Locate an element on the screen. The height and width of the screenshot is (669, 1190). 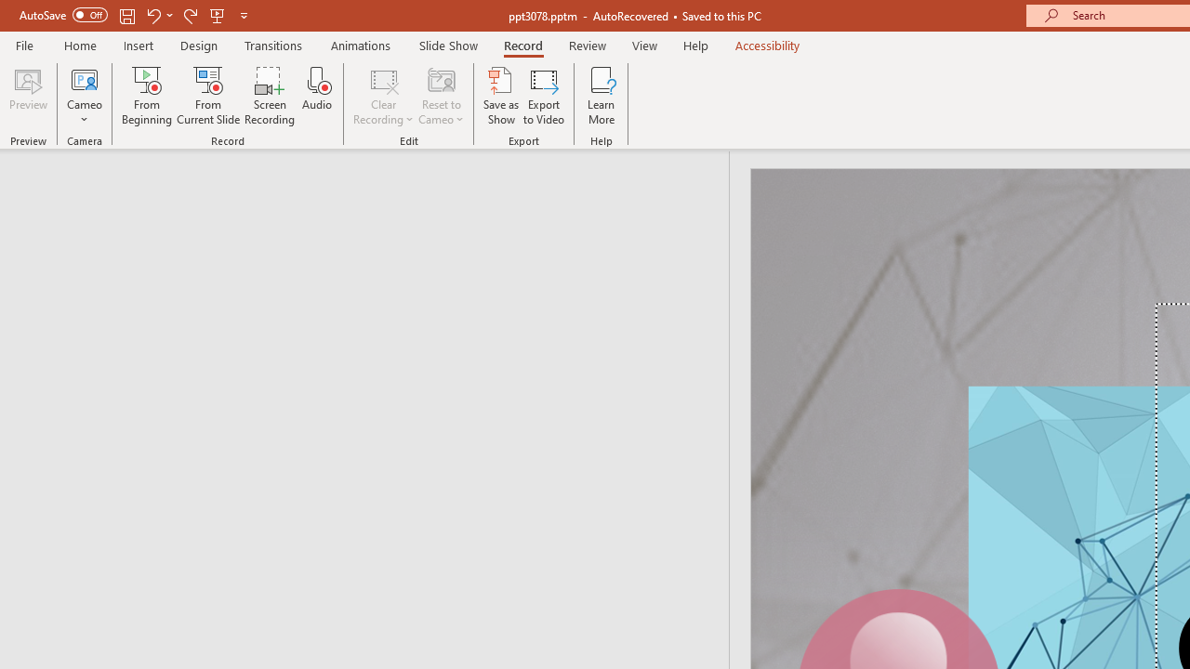
'From Current Slide...' is located at coordinates (208, 96).